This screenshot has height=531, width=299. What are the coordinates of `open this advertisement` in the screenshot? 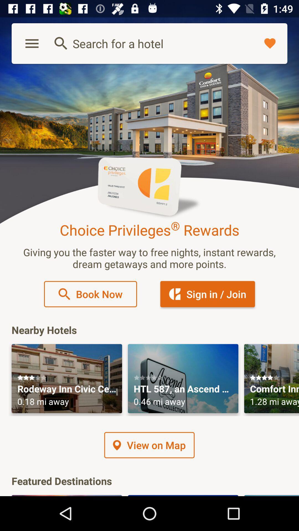 It's located at (66, 378).